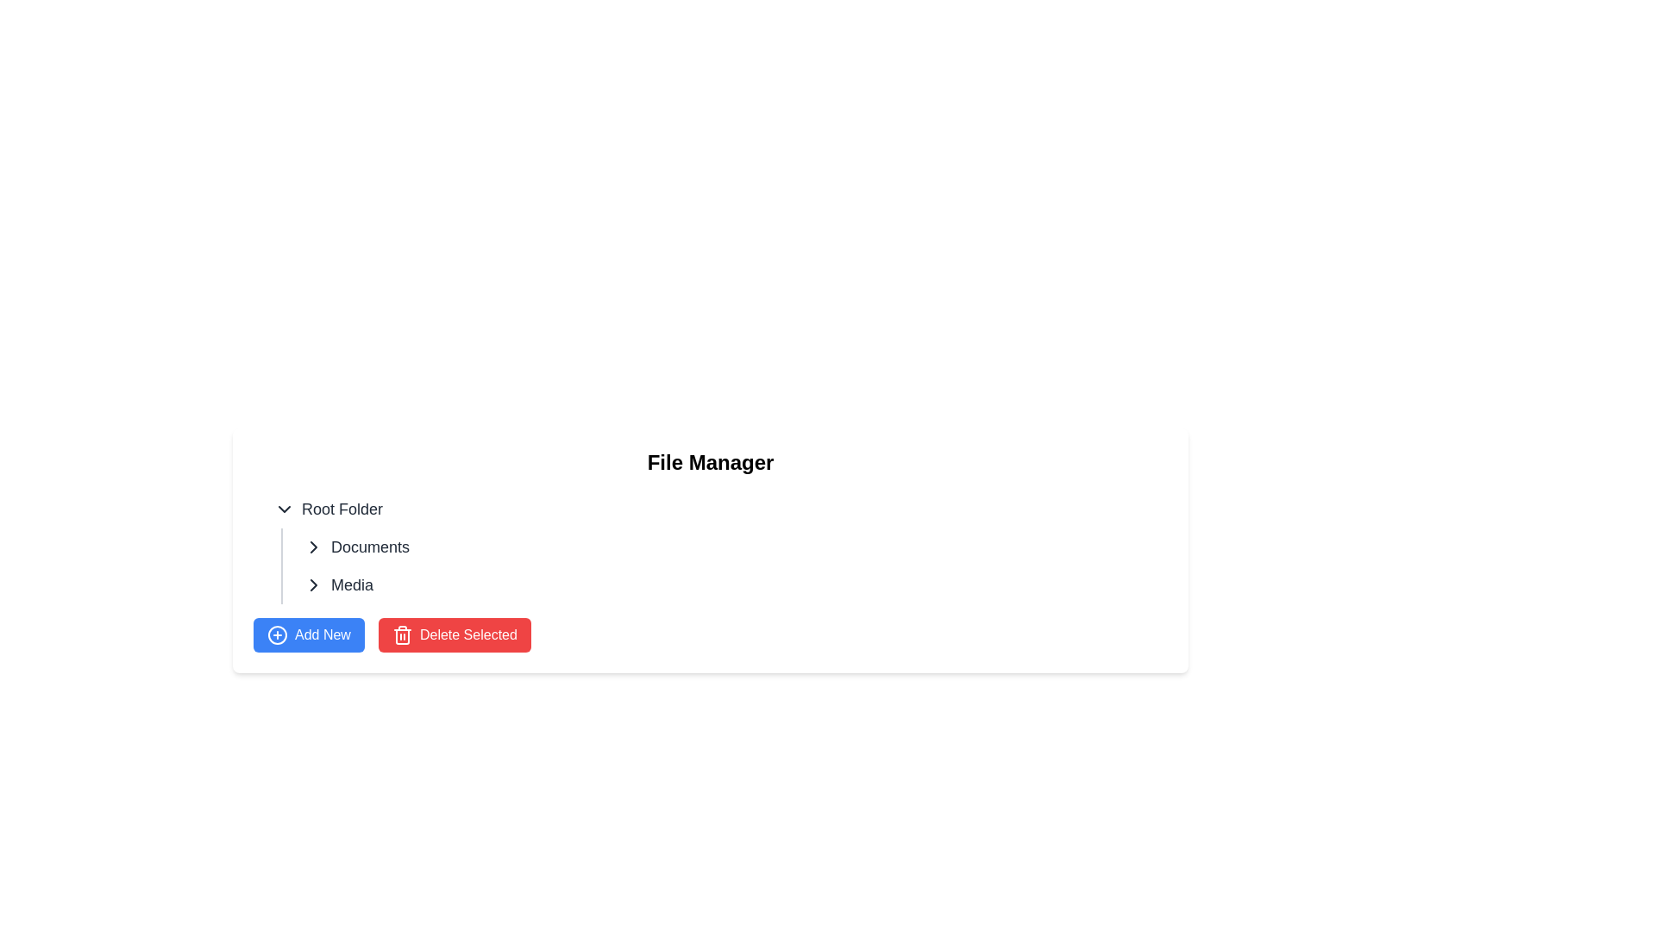 The width and height of the screenshot is (1656, 931). What do you see at coordinates (309, 634) in the screenshot?
I see `the blue 'Add New' button that contains a plus symbol icon and white text, positioned to the left of the red 'Delete Selected' button` at bounding box center [309, 634].